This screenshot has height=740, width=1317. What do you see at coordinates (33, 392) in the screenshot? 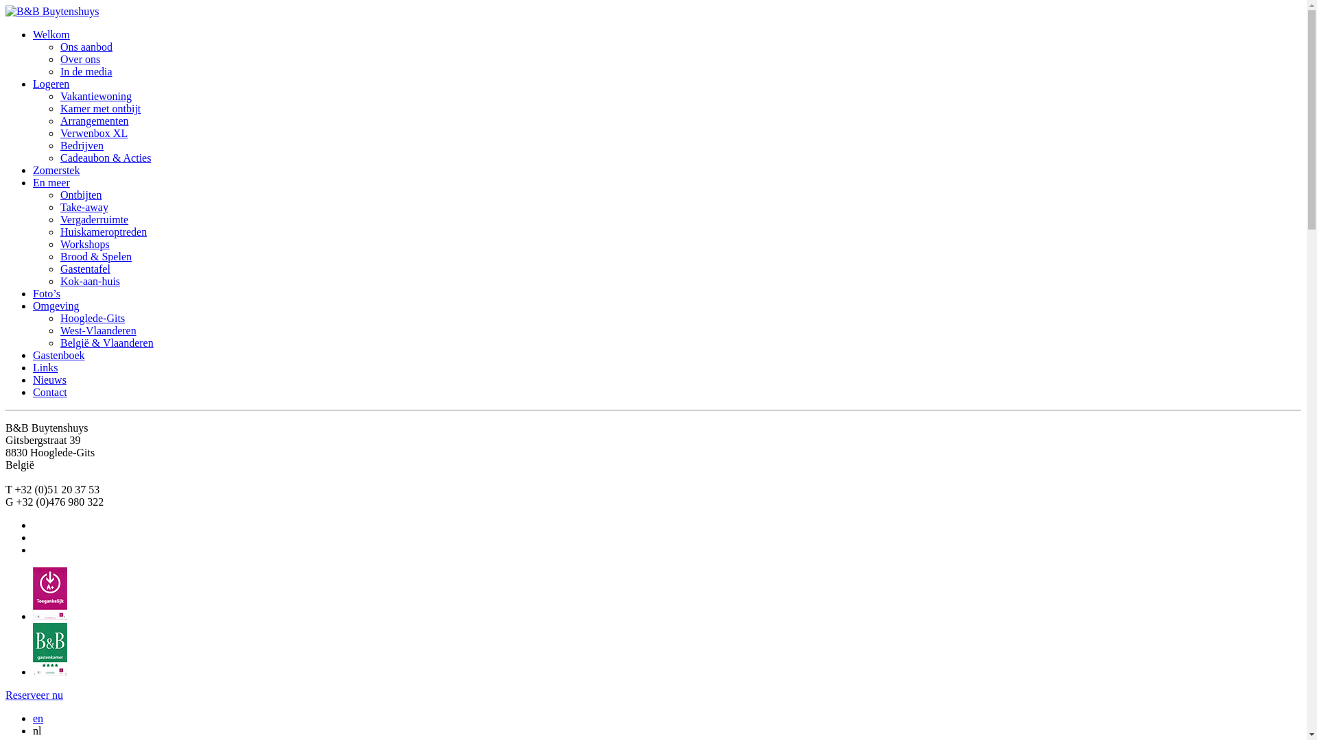
I see `'Contact'` at bounding box center [33, 392].